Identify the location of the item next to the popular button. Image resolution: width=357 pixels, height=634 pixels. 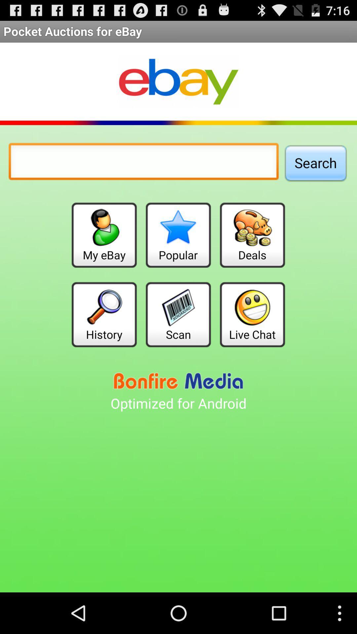
(104, 235).